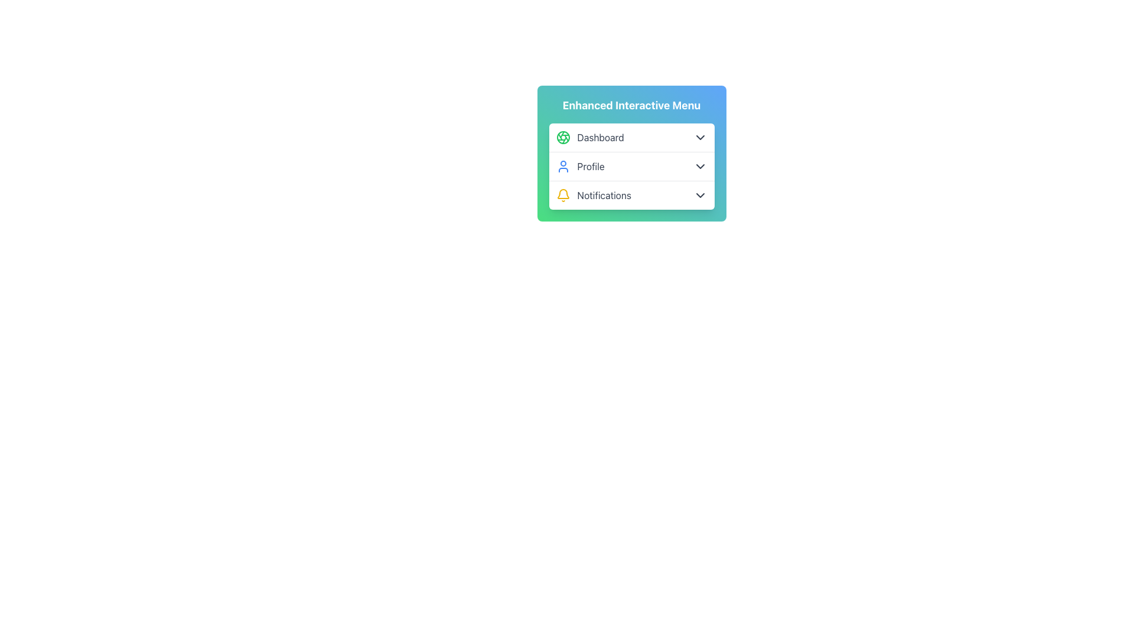  What do you see at coordinates (631, 105) in the screenshot?
I see `the text label that reads 'Enhanced Interactive Menu', which is styled in bold and serves as the header for the interactive menu options` at bounding box center [631, 105].